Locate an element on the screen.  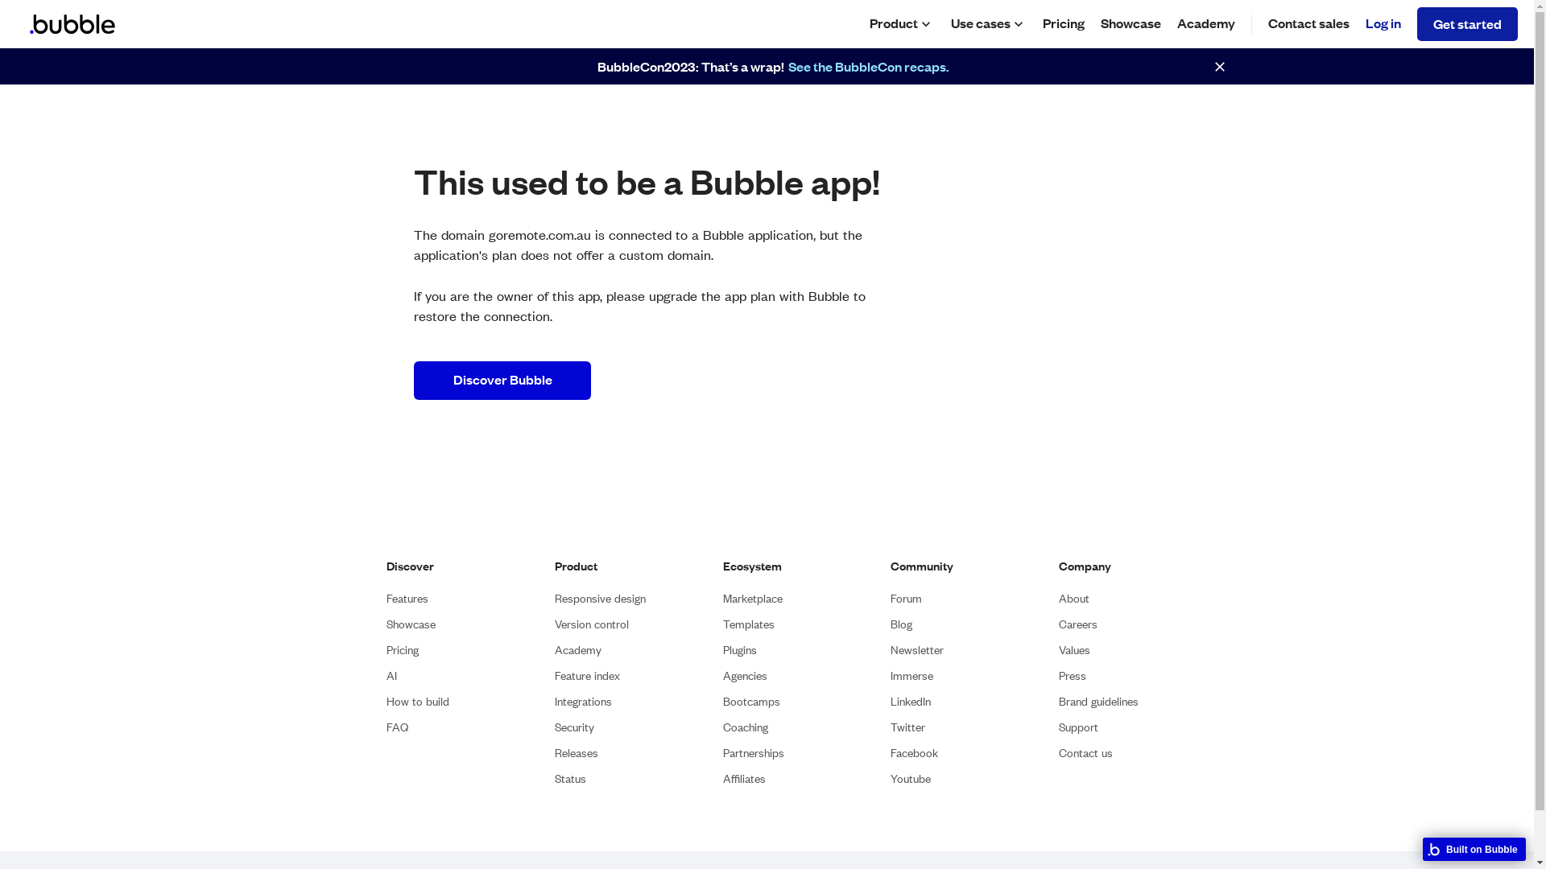
'Features' is located at coordinates (407, 598).